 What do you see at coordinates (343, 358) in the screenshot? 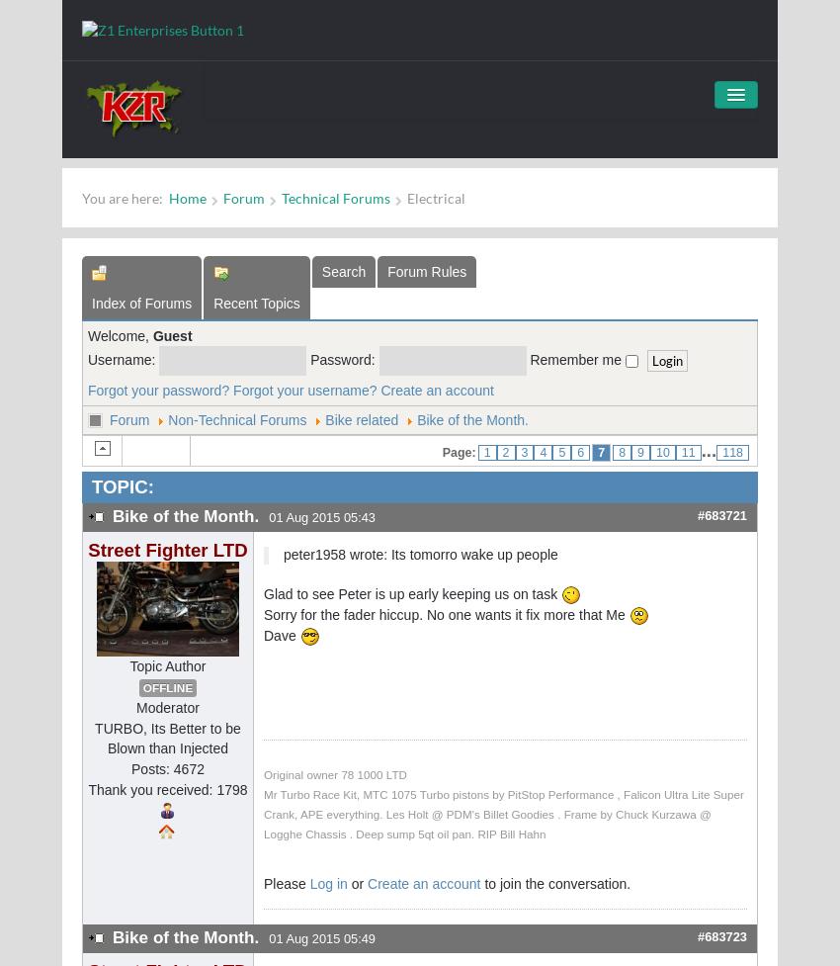
I see `'Password:'` at bounding box center [343, 358].